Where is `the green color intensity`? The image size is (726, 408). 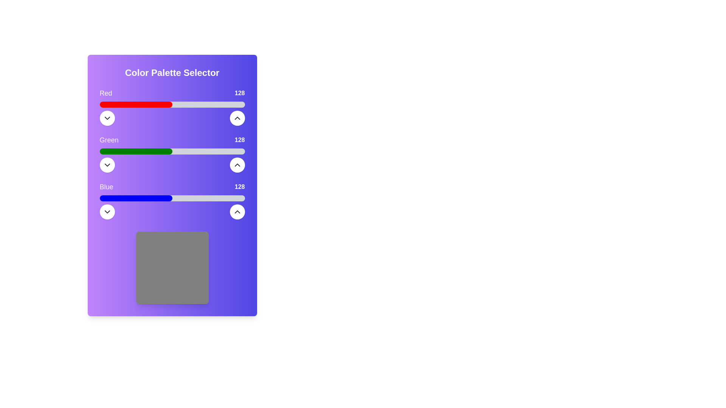 the green color intensity is located at coordinates (162, 151).